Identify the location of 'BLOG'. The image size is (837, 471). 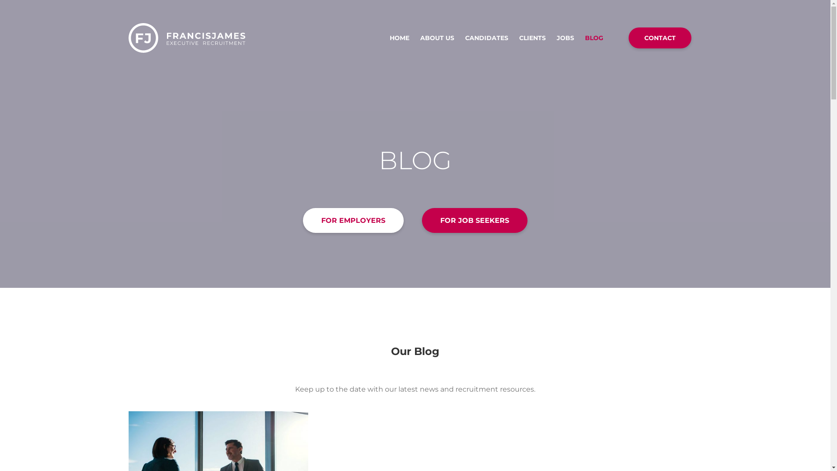
(594, 38).